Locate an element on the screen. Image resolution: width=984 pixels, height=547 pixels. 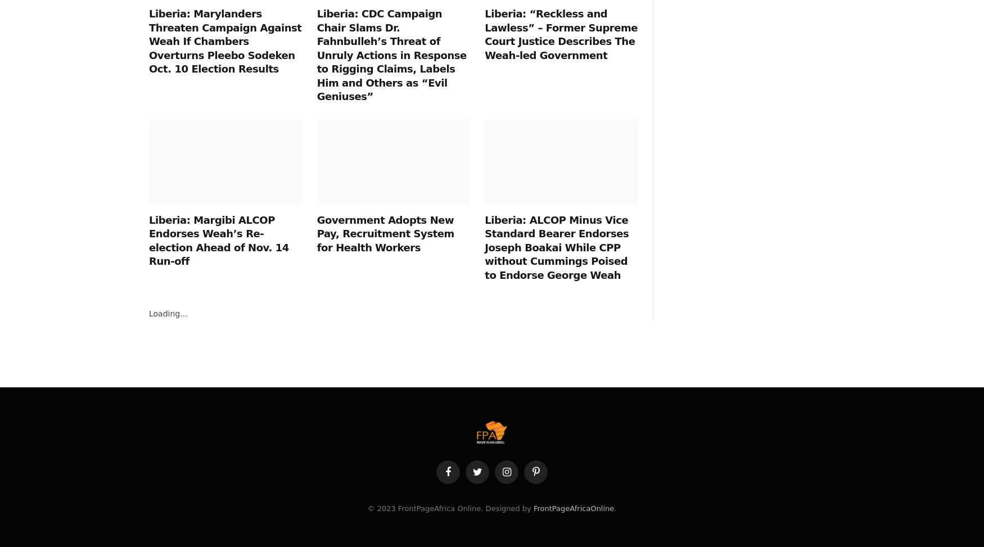
'Liberia: Marylanders Threaten Campaign Against Weah If Chambers Overturns Pleebo Sodeken Oct. 10 Election Results' is located at coordinates (224, 40).